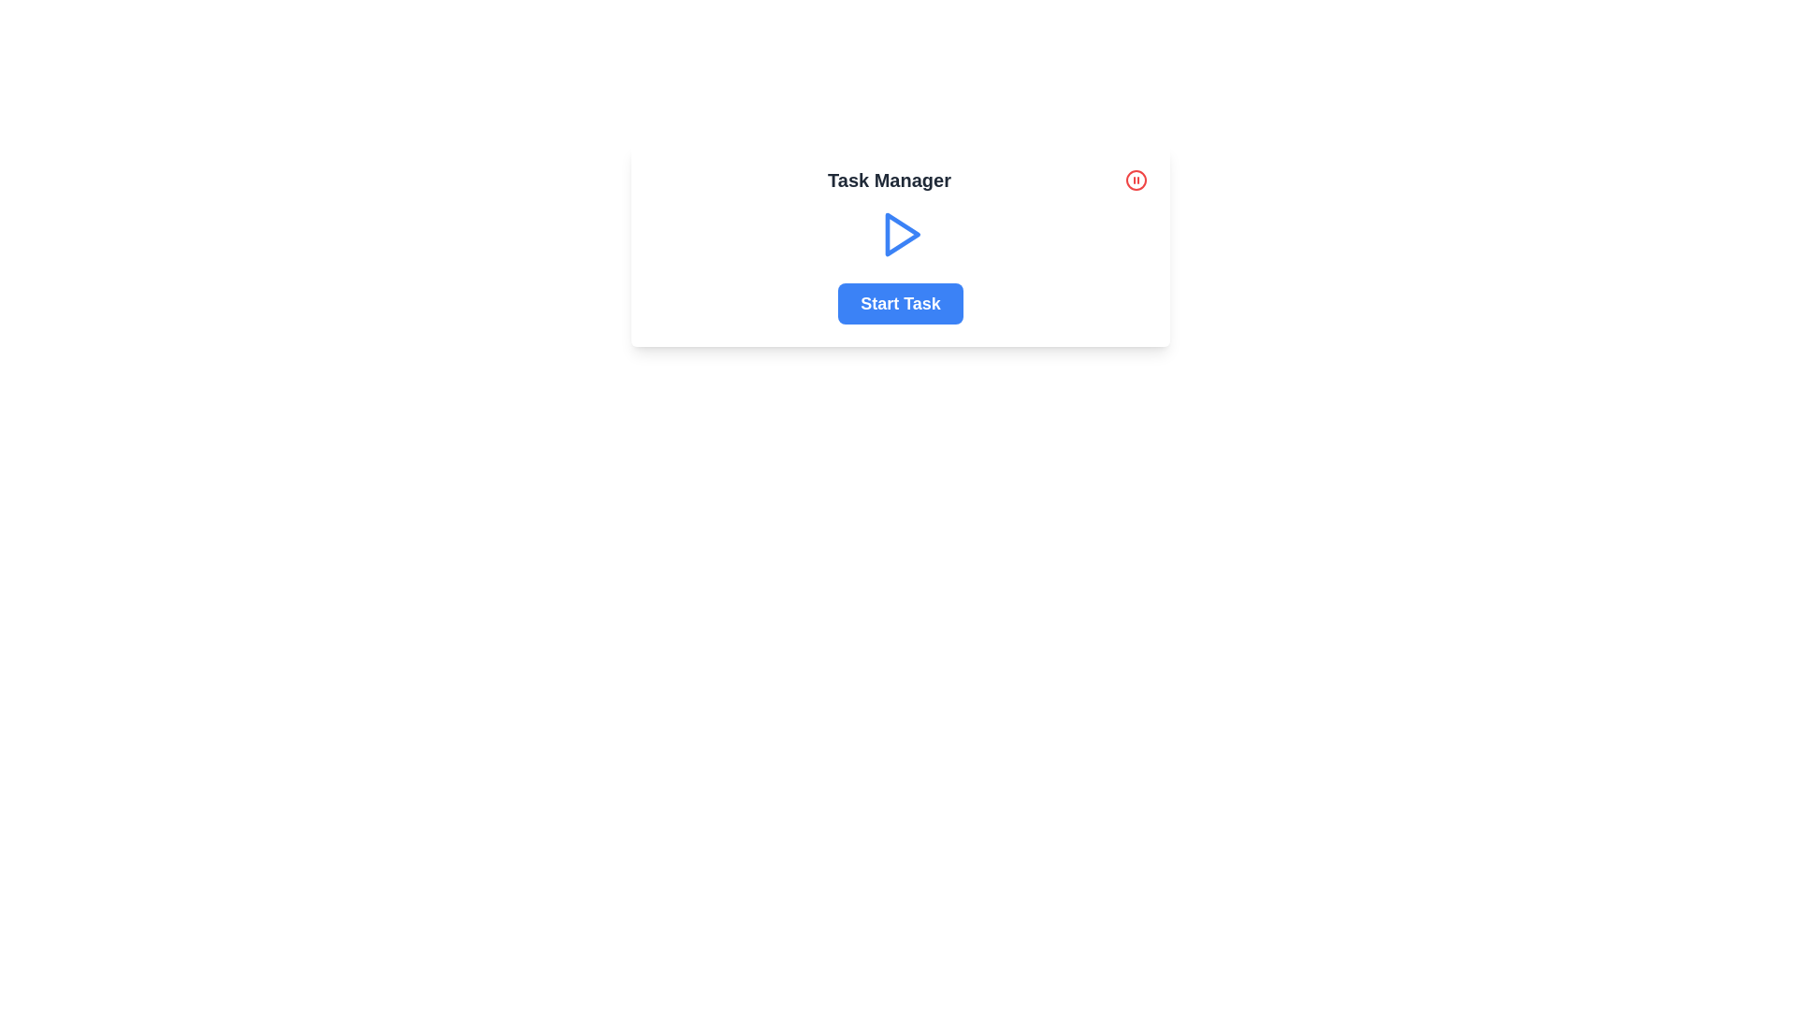 The image size is (1796, 1010). I want to click on the triangular play icon outlined in blue with a white center, which is located centrally below the title 'Task Manager' and above the 'Start Task' button, so click(901, 233).